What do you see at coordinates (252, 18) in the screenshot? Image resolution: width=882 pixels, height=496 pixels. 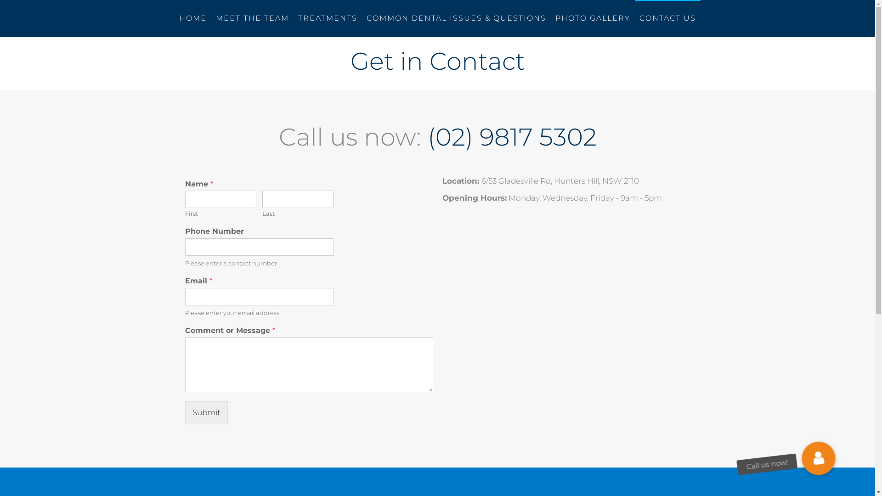 I see `'MEET THE TEAM'` at bounding box center [252, 18].